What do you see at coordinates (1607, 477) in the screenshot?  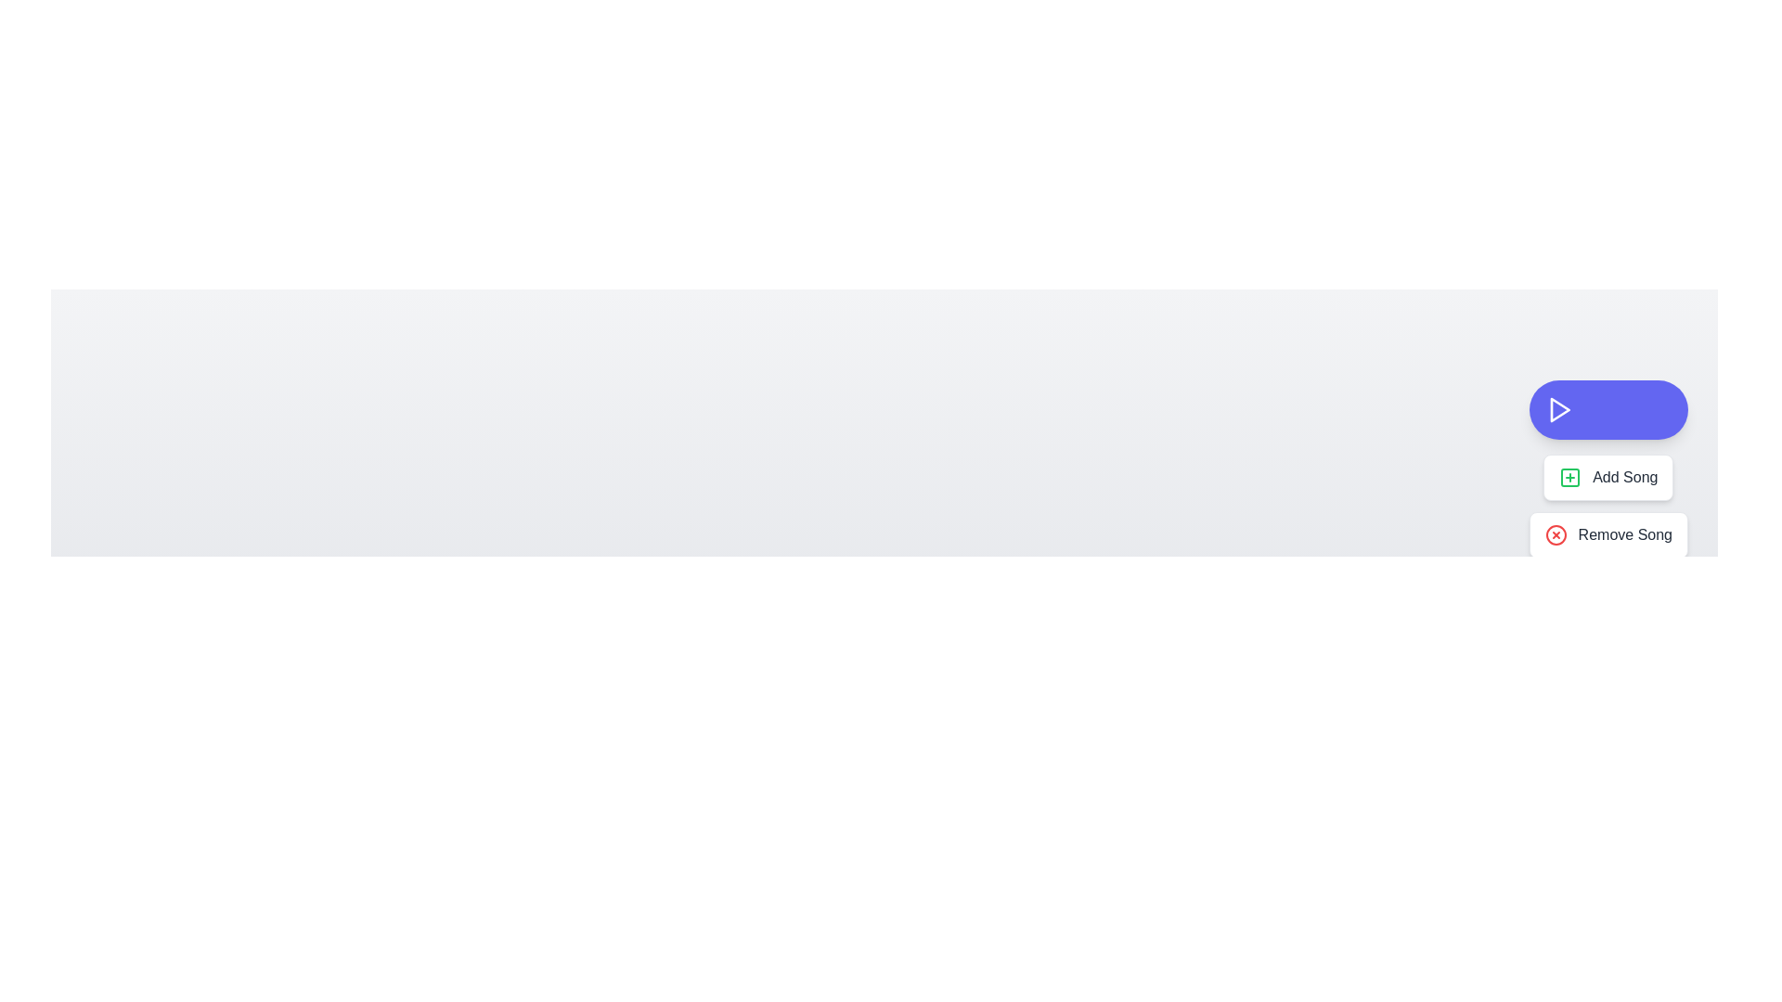 I see `the 'Add Song' button` at bounding box center [1607, 477].